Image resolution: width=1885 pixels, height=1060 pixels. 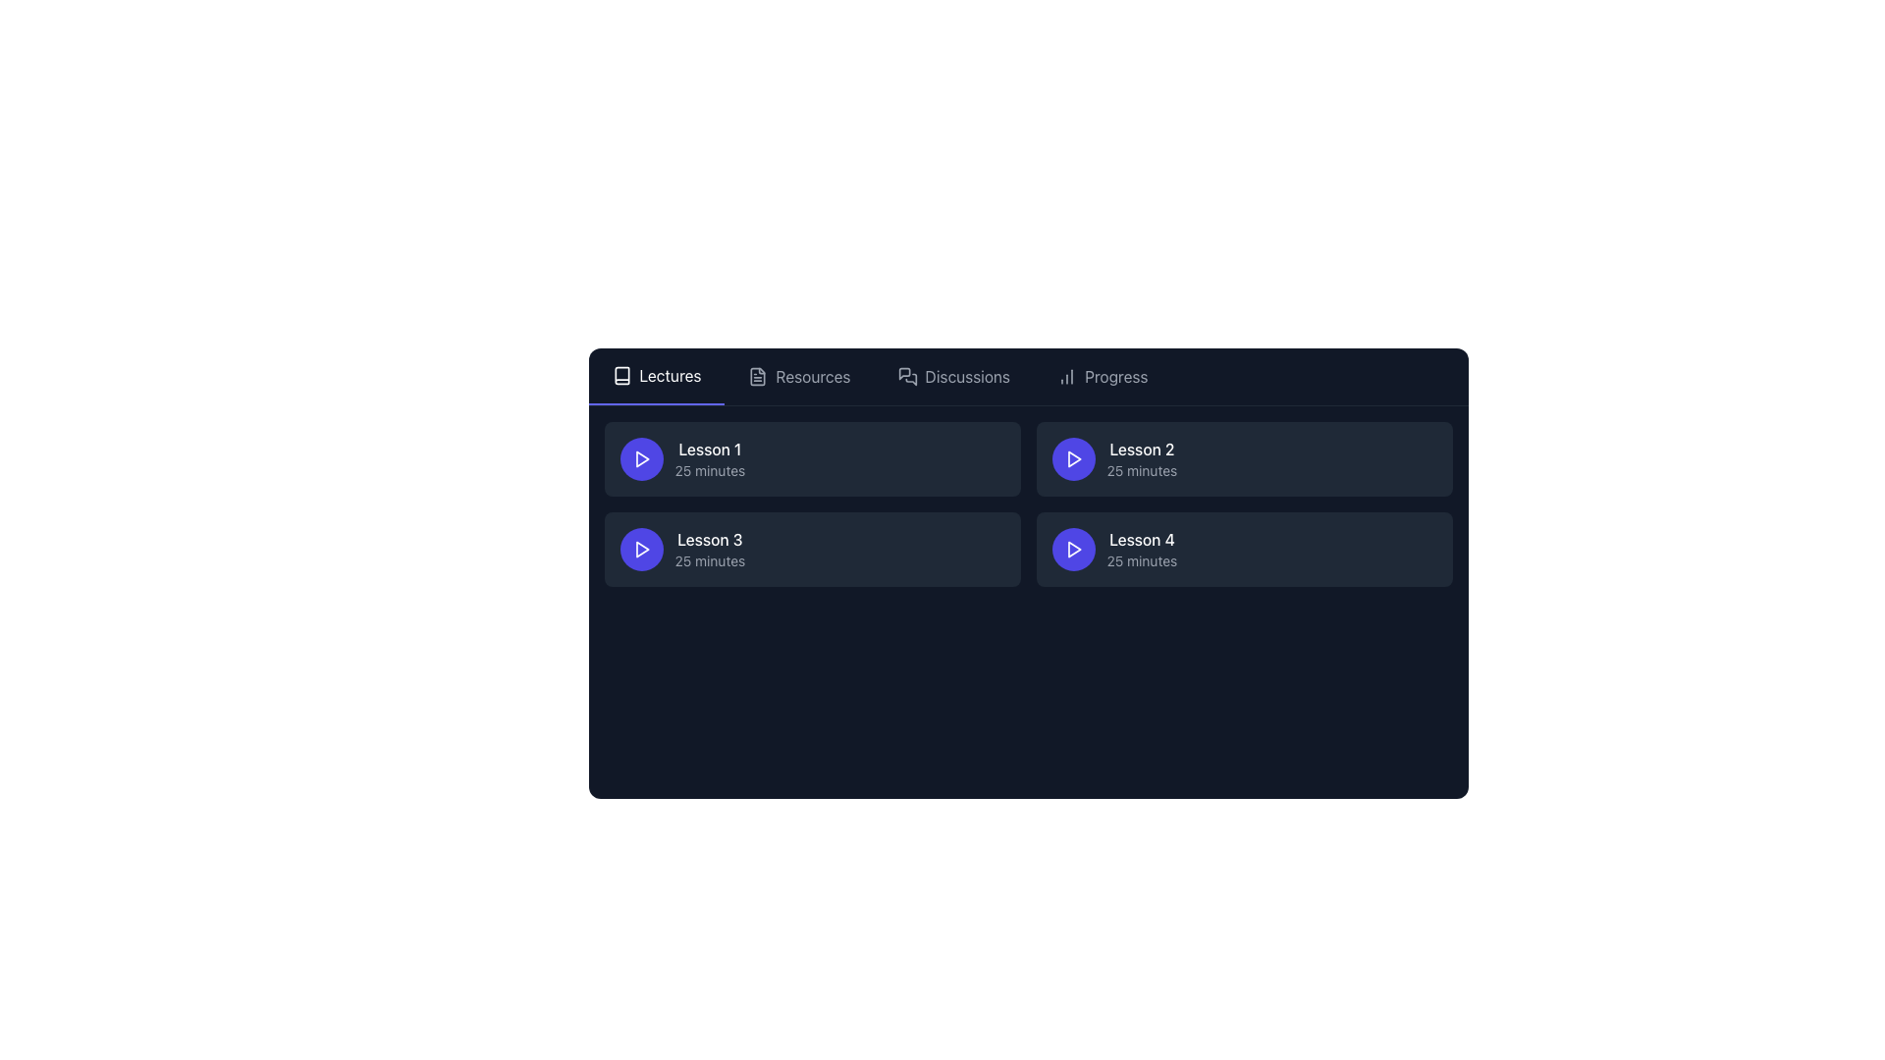 I want to click on label of the second tab from the left in the horizontal navigation bar, which is the 'Resources' tab, located between the 'Lectures' and 'Discussions' tabs, so click(x=813, y=377).